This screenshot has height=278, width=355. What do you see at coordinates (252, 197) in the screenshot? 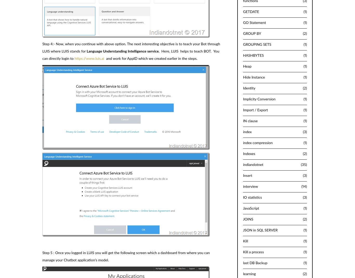
I see `'IO statistics'` at bounding box center [252, 197].